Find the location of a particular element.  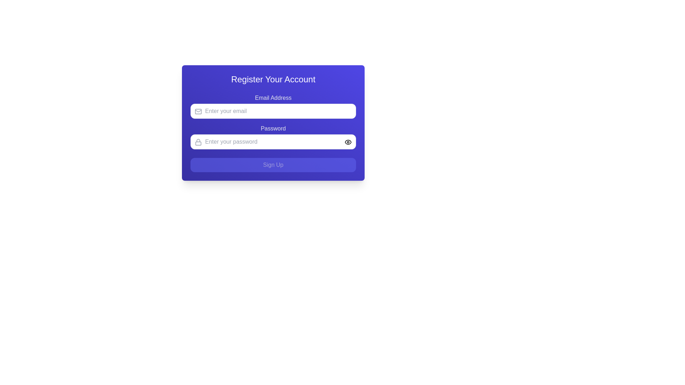

the 'Email Address' label or input field to interact with it is located at coordinates (273, 106).